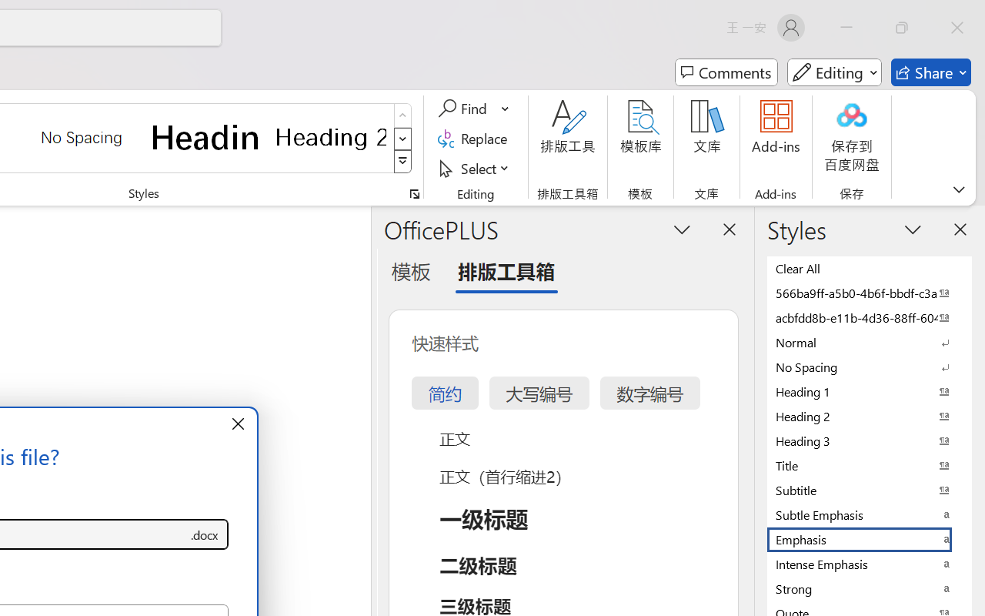 This screenshot has height=616, width=985. I want to click on 'Mode', so click(833, 72).